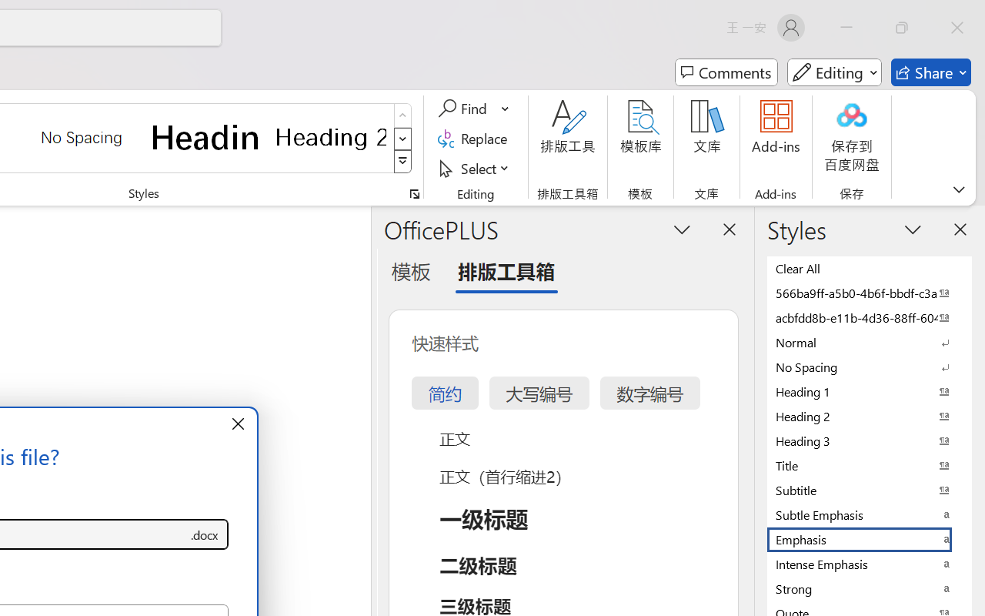 This screenshot has height=616, width=985. I want to click on 'Mode', so click(833, 72).